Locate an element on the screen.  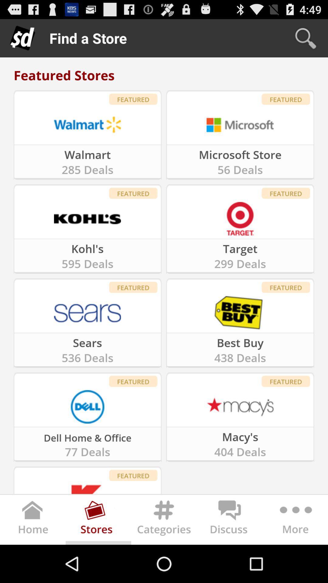
opens categories tab is located at coordinates (164, 521).